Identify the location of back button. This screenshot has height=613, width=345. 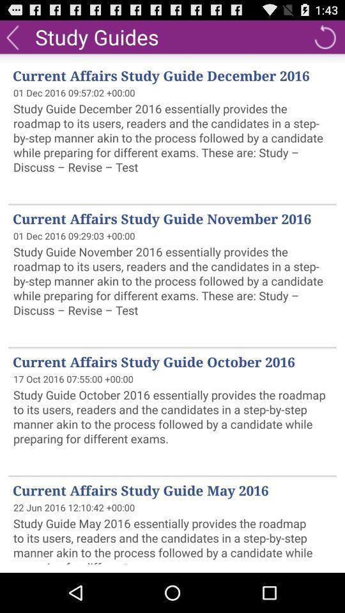
(11, 36).